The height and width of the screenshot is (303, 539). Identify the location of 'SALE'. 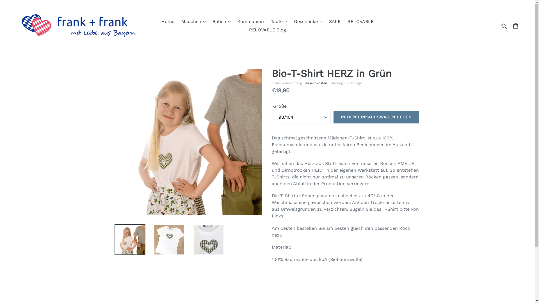
(335, 21).